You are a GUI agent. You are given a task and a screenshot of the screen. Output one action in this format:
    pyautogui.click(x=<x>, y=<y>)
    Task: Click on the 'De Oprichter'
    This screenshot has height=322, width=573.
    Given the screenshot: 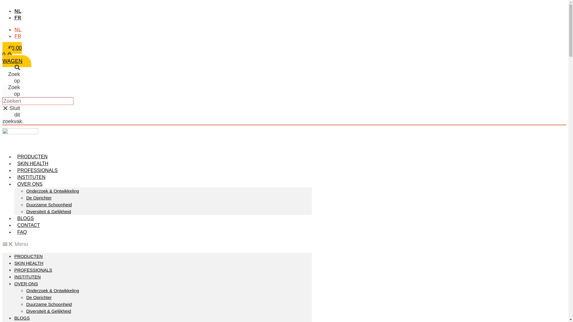 What is the action you would take?
    pyautogui.click(x=38, y=198)
    